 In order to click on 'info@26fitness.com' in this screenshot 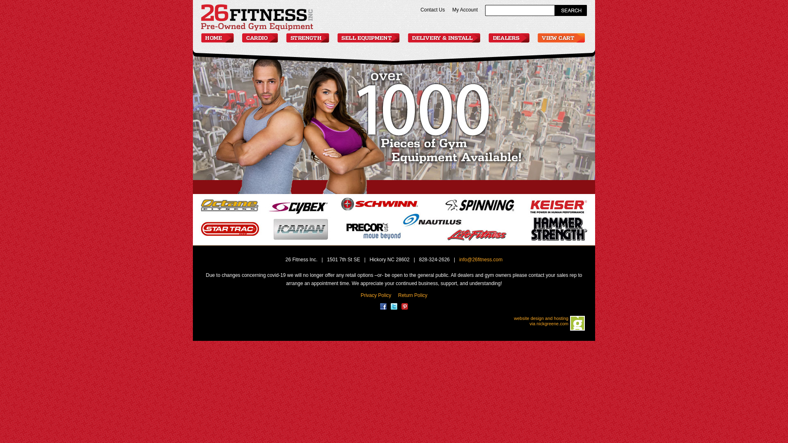, I will do `click(481, 259)`.